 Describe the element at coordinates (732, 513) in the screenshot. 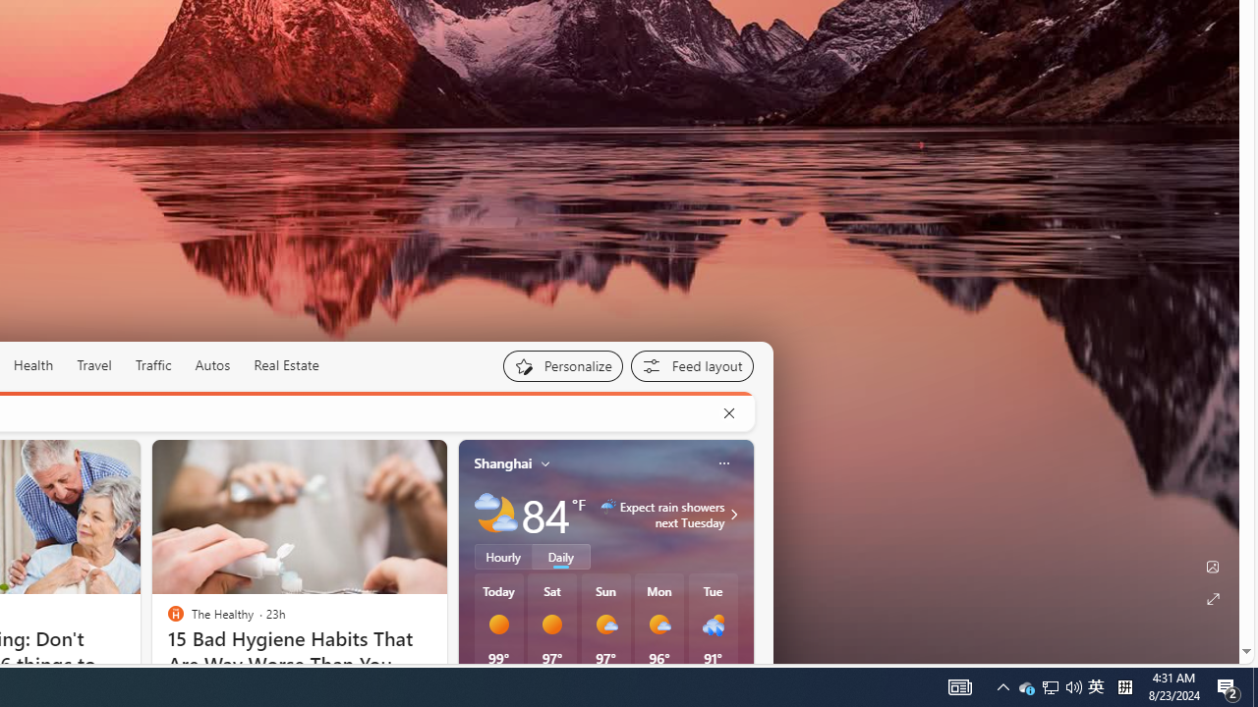

I see `'Class: weather-arrow-glyph'` at that location.